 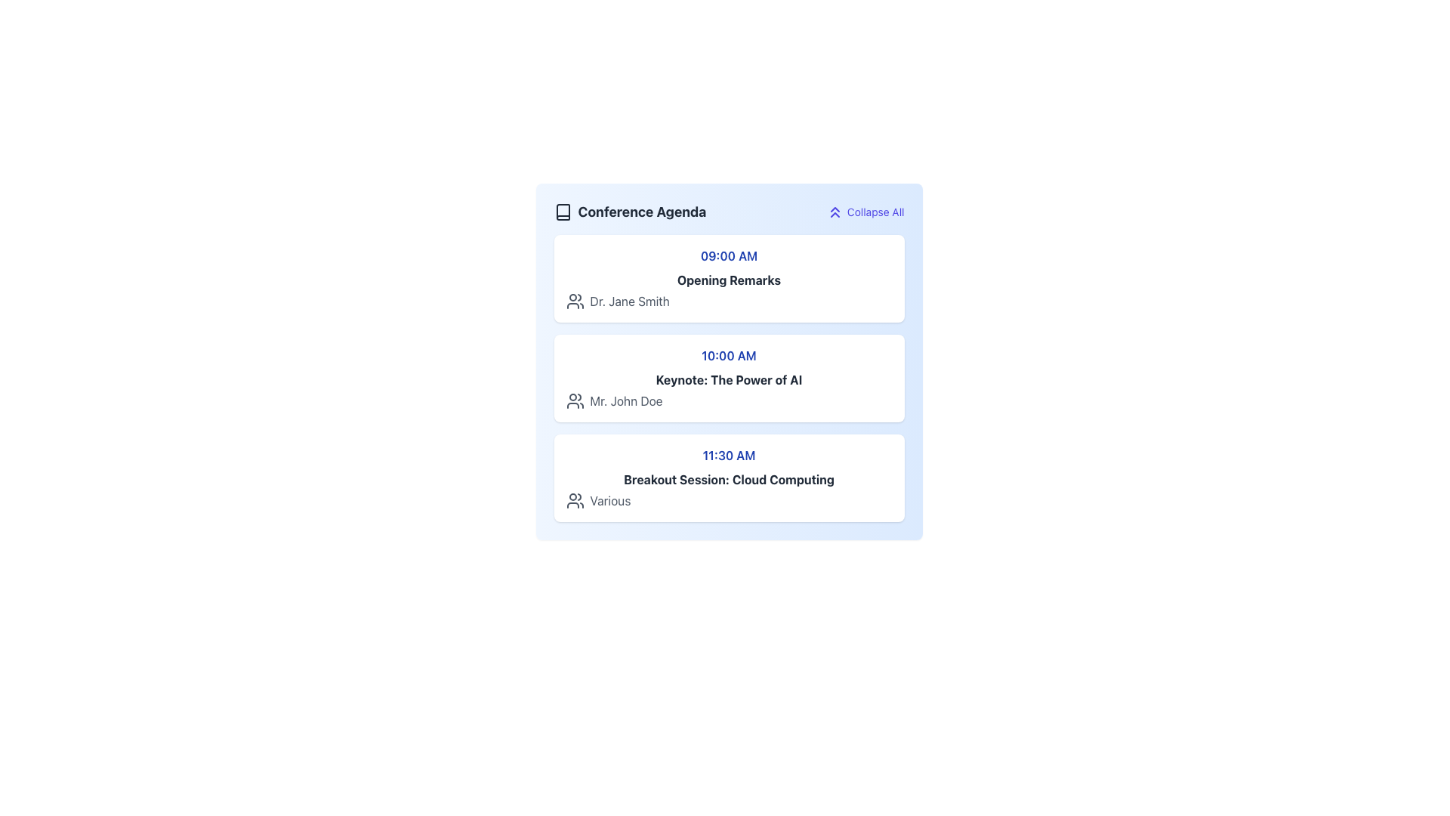 What do you see at coordinates (865, 212) in the screenshot?
I see `the 'Collapse All' button with an icon of stacked upward-facing chevrons` at bounding box center [865, 212].